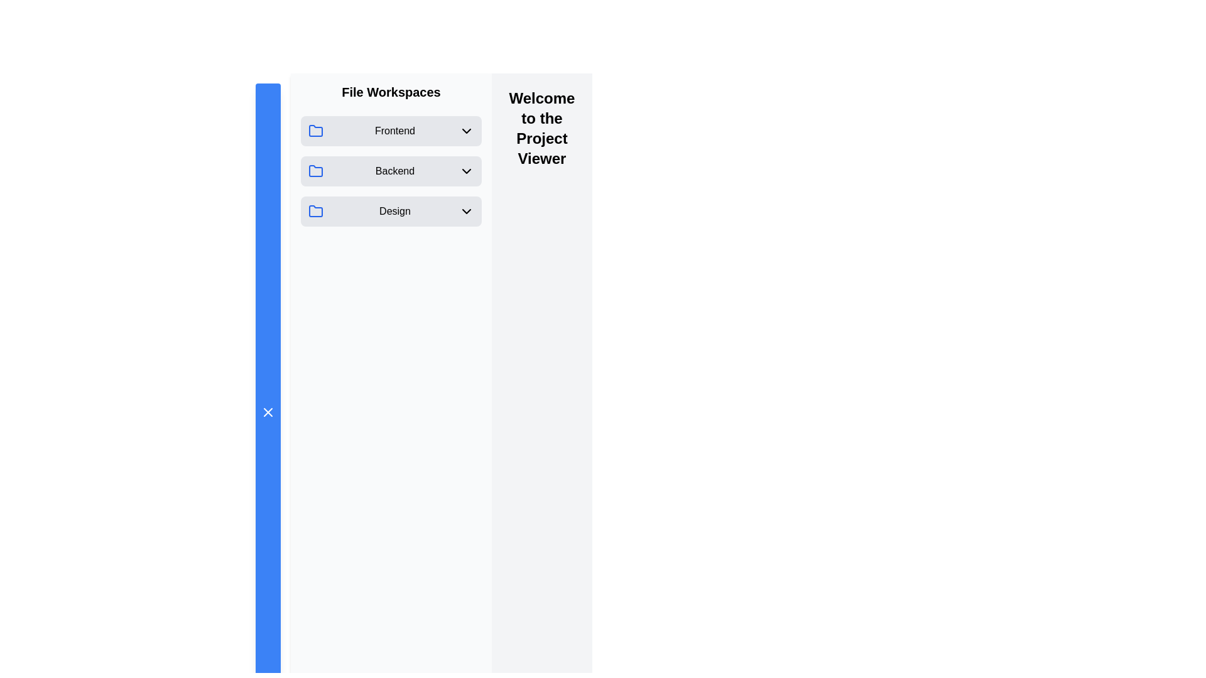 This screenshot has width=1206, height=678. Describe the element at coordinates (466, 210) in the screenshot. I see `the downward-pointing chevron icon located in the 'Design' section` at that location.